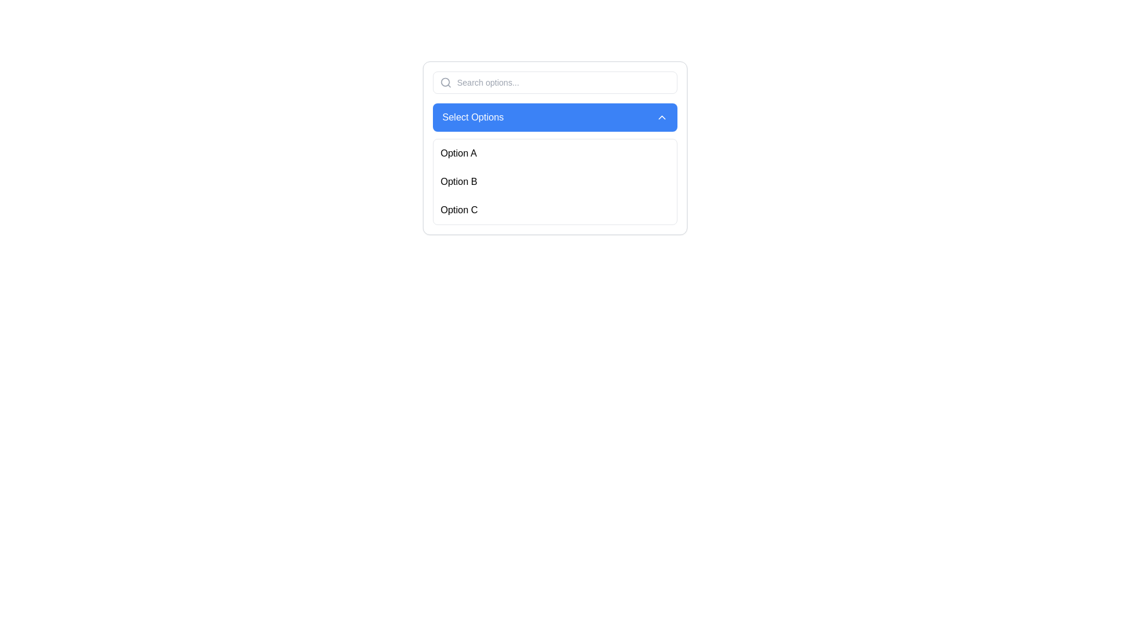 This screenshot has height=638, width=1134. What do you see at coordinates (555, 209) in the screenshot?
I see `the List item displaying 'Option C'` at bounding box center [555, 209].